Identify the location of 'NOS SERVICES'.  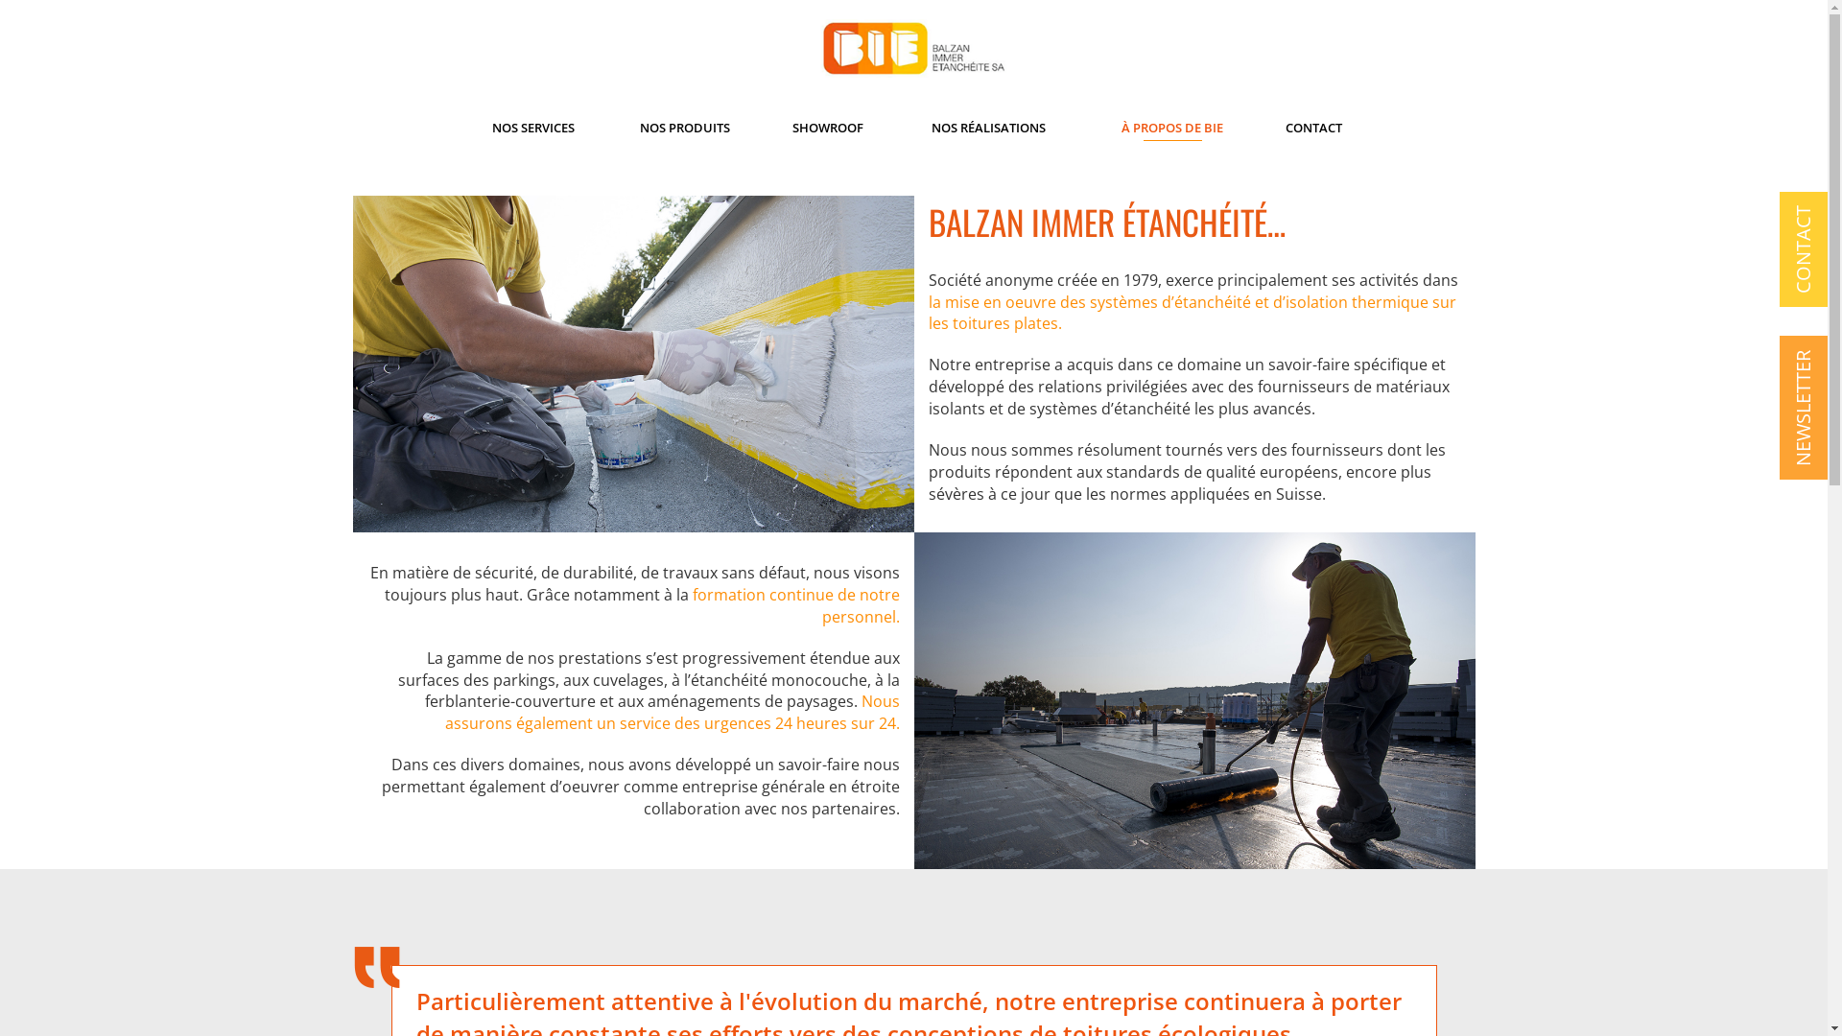
(533, 127).